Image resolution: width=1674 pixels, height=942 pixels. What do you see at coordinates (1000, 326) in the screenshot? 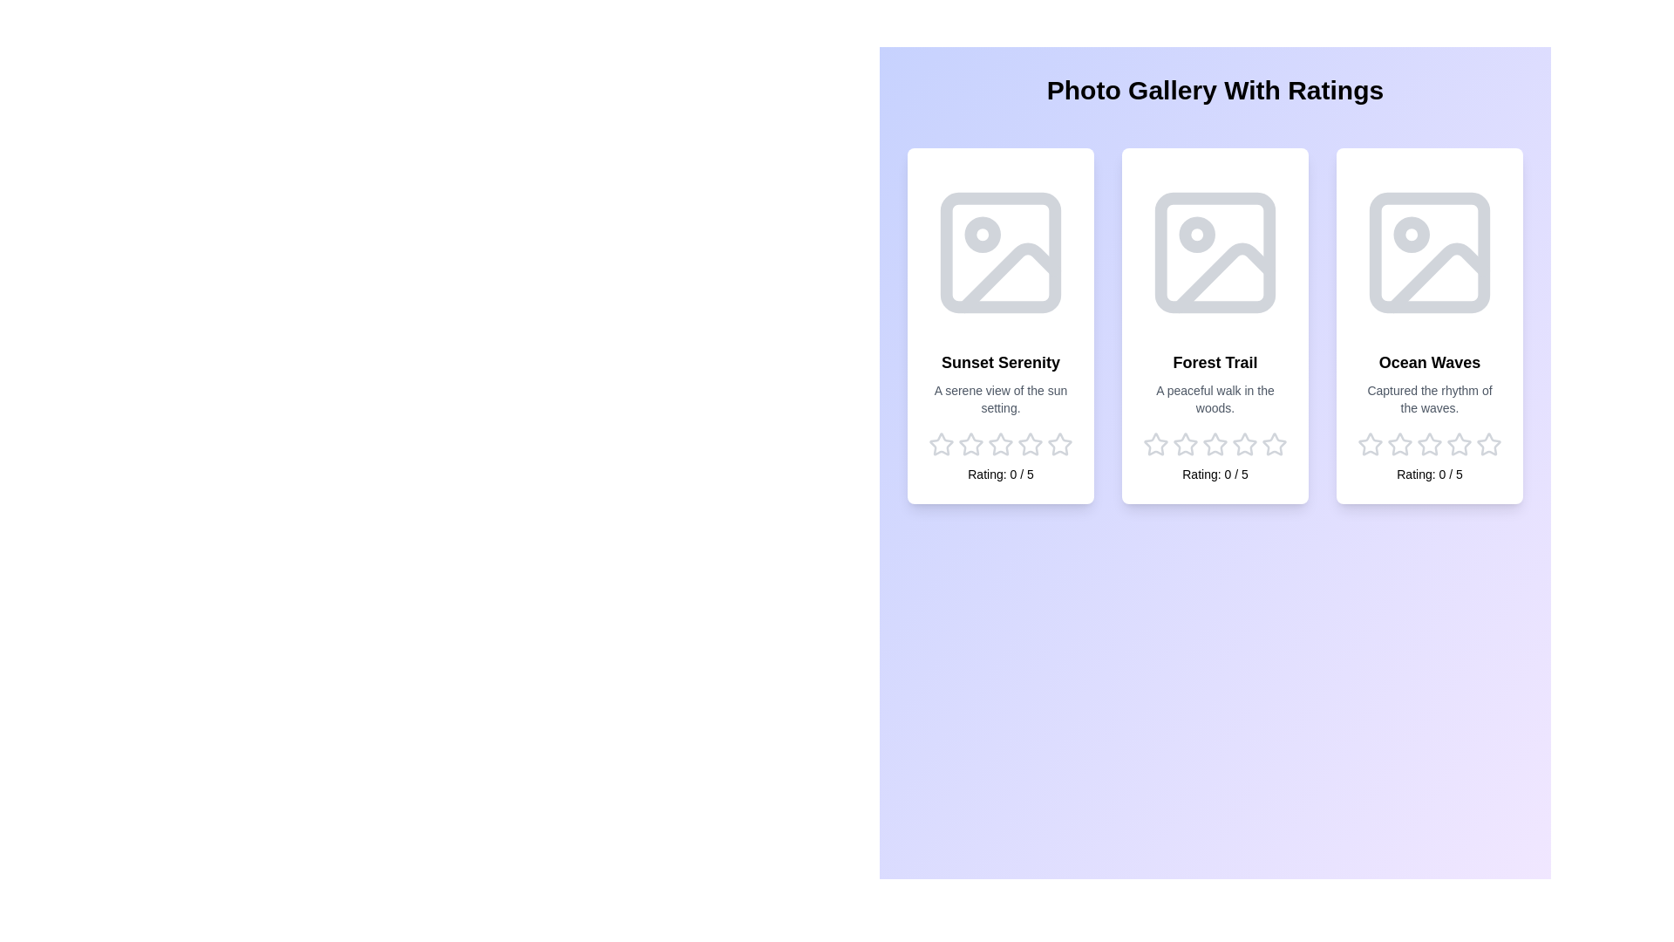
I see `the image card for Sunset Serenity` at bounding box center [1000, 326].